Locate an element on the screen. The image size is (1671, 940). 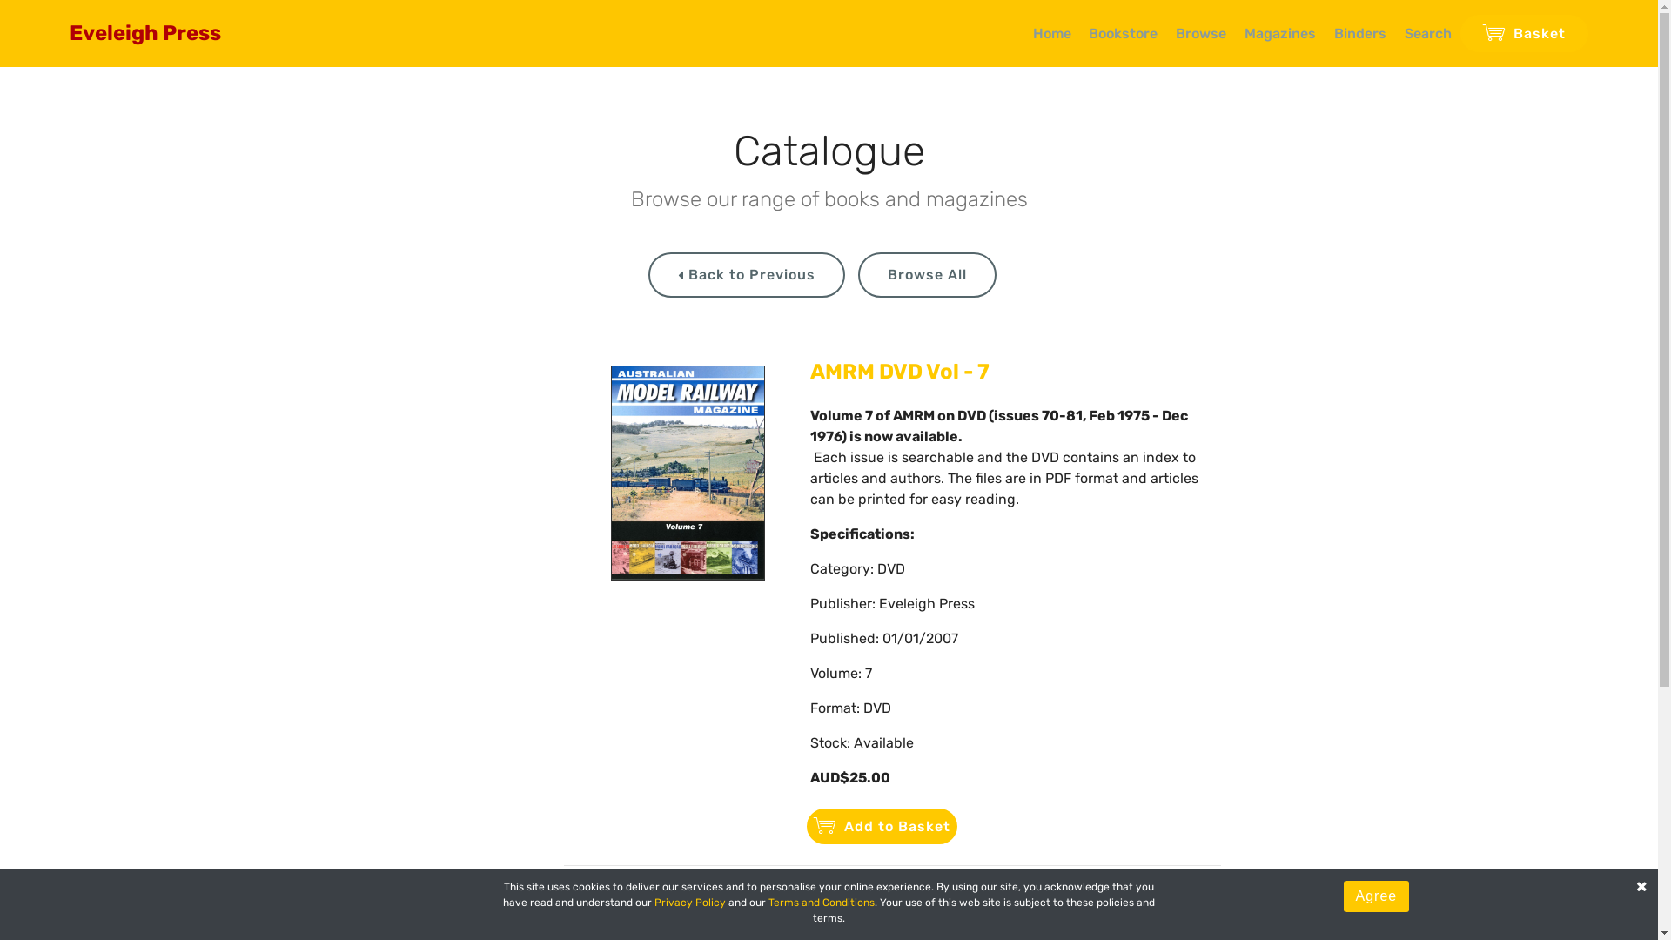
'Browse' is located at coordinates (1200, 33).